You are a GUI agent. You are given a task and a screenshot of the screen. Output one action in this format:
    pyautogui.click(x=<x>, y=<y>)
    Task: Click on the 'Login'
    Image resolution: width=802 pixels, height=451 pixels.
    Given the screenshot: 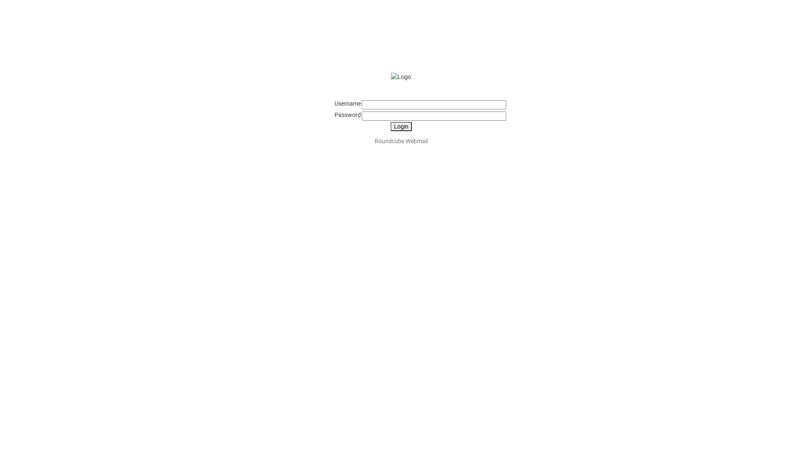 What is the action you would take?
    pyautogui.click(x=390, y=127)
    